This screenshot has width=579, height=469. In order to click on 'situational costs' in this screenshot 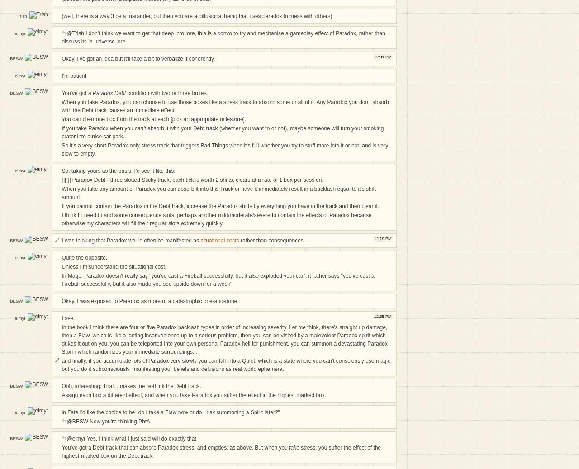, I will do `click(219, 240)`.